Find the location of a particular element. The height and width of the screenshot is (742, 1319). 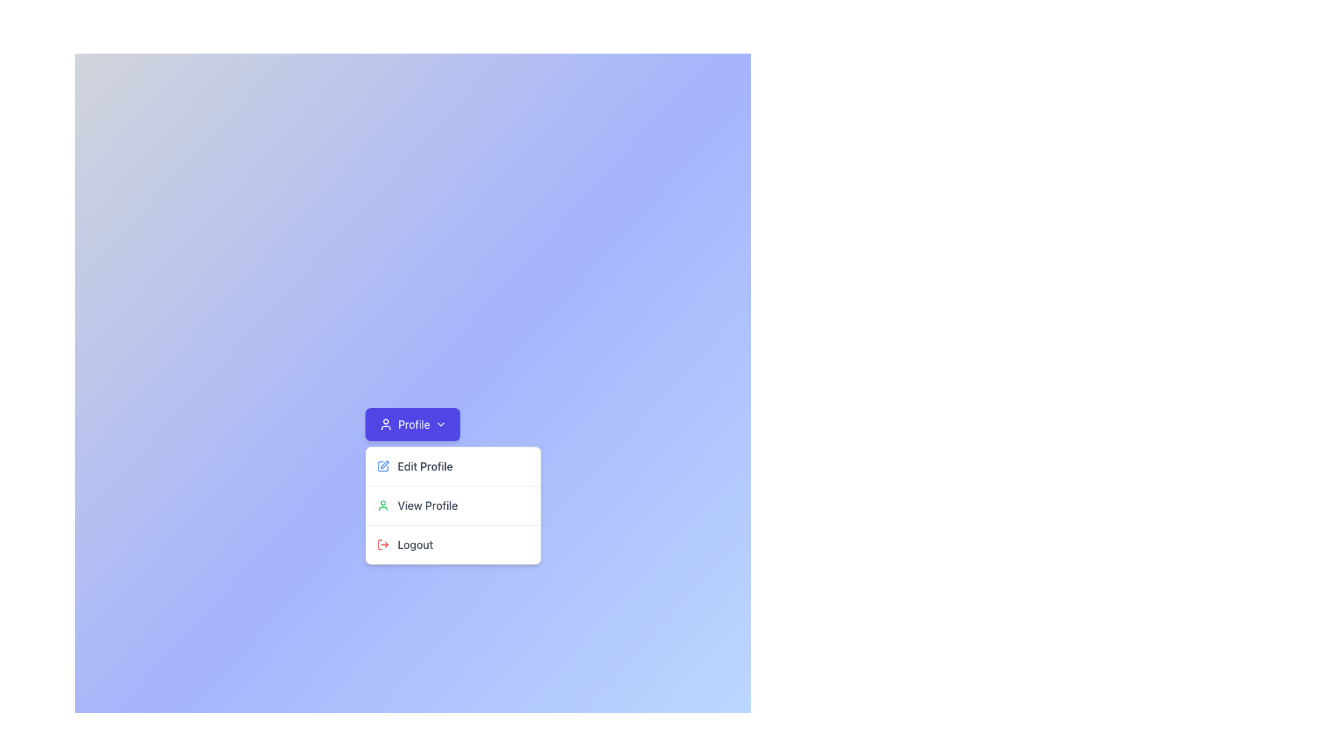

the 'View Profile' menu item in the vertical dropdown menu is located at coordinates (453, 506).